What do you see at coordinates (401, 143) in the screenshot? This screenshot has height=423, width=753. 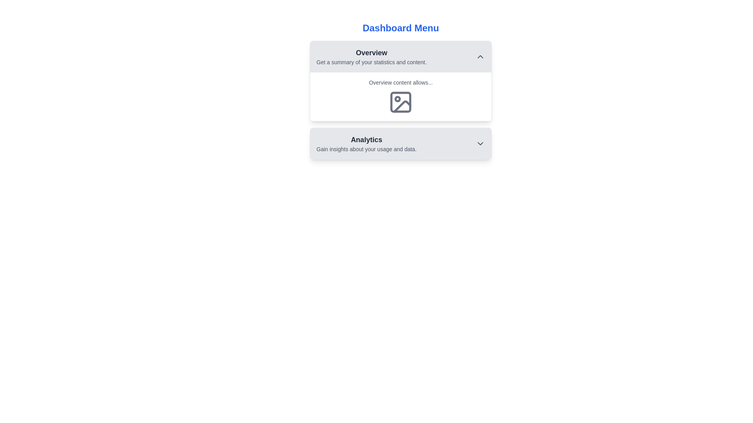 I see `the 'Analytics' section header element` at bounding box center [401, 143].